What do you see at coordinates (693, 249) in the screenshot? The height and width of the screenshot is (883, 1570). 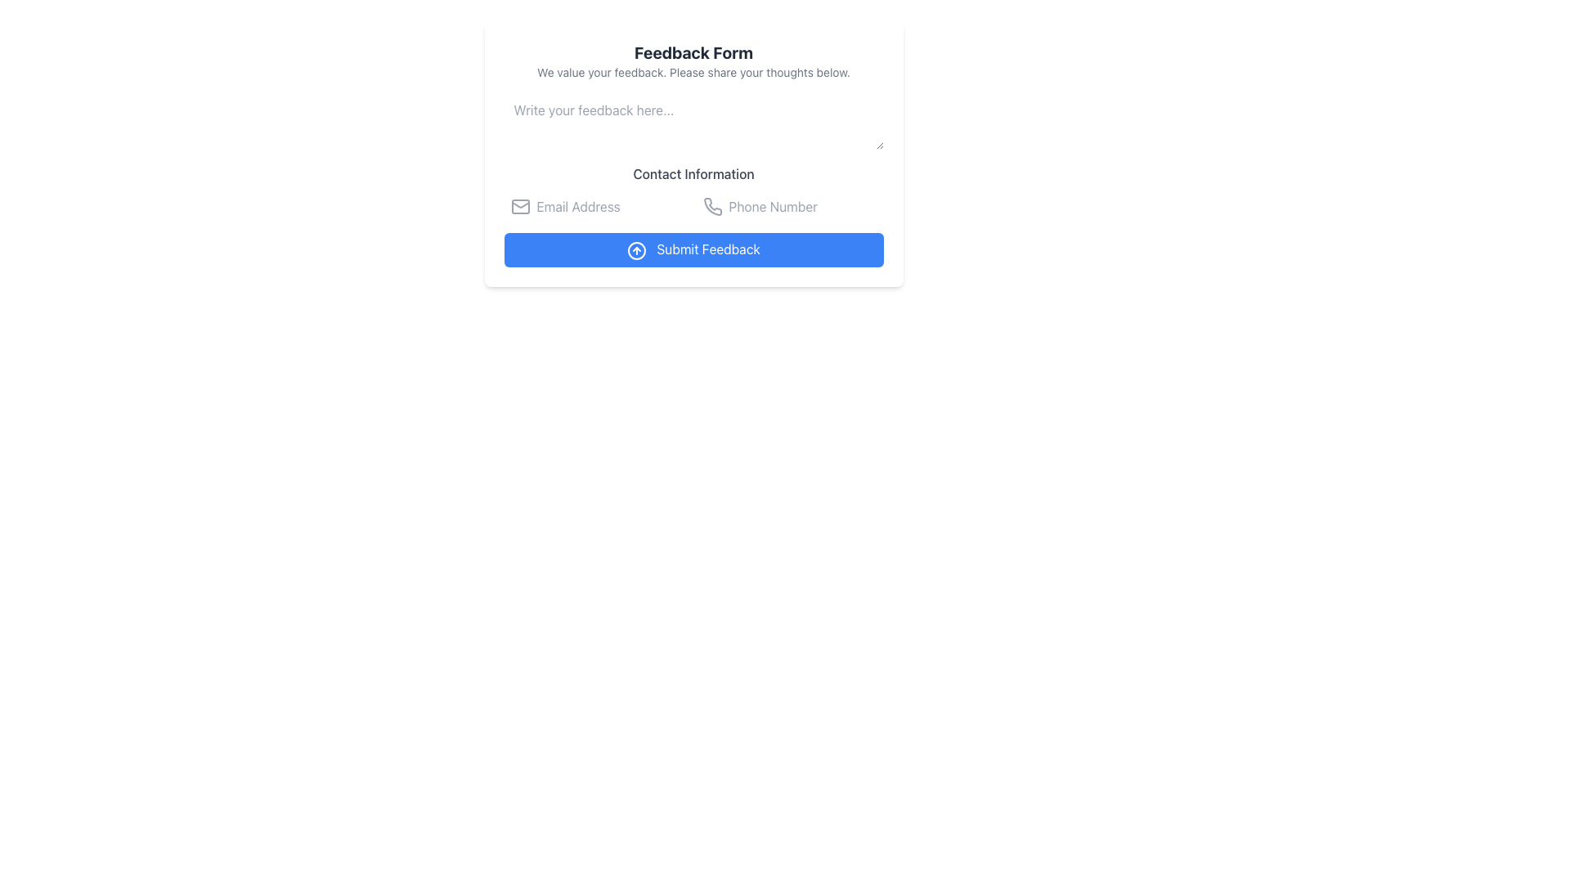 I see `the submission button located below 'Contact Information' in the feedback form` at bounding box center [693, 249].